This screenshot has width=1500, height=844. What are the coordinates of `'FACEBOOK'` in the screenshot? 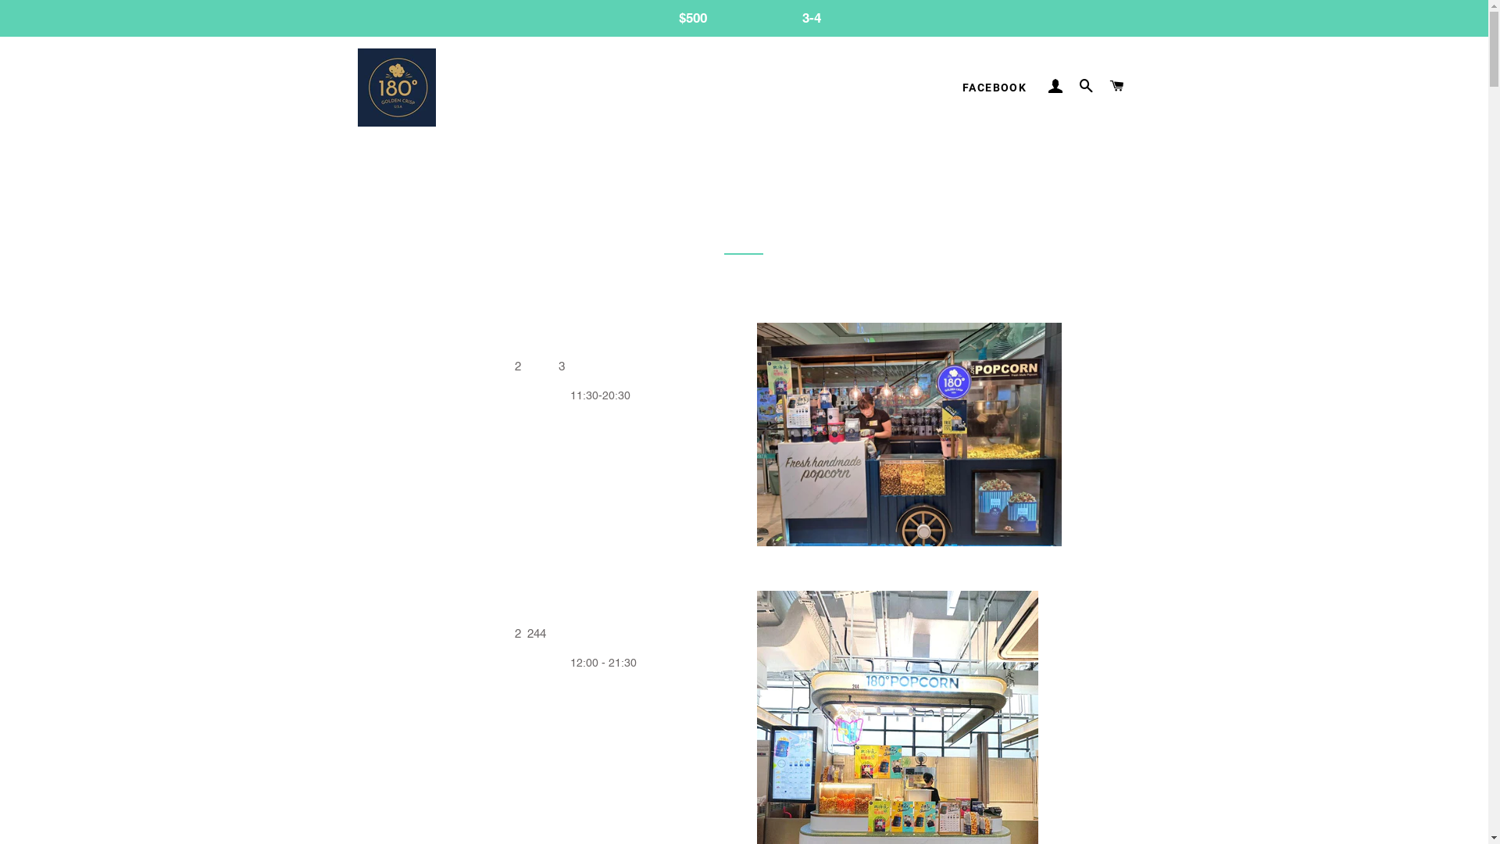 It's located at (993, 88).